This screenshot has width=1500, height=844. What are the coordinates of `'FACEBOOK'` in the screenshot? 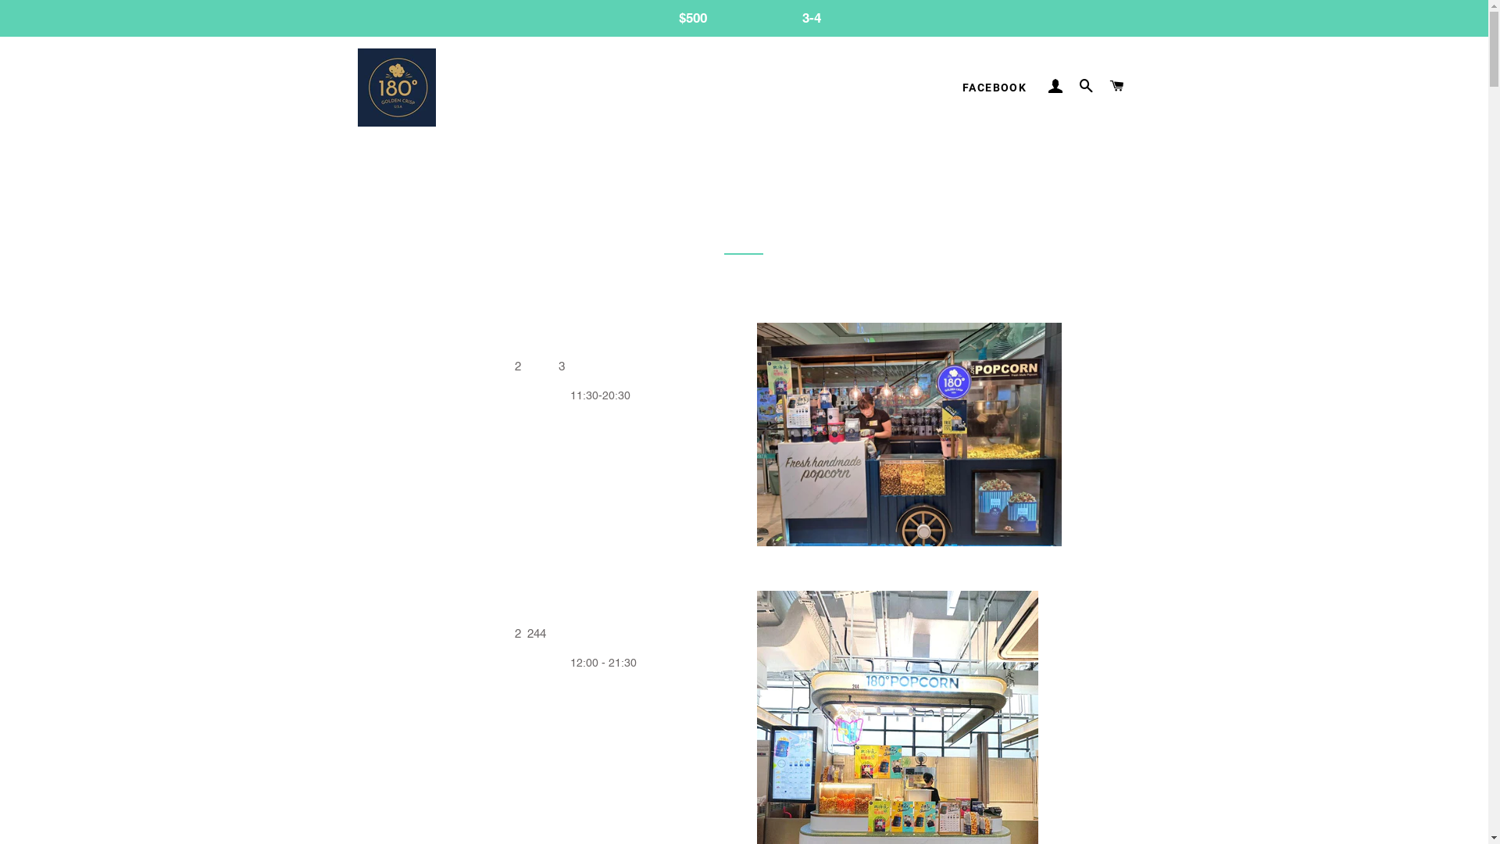 It's located at (993, 88).